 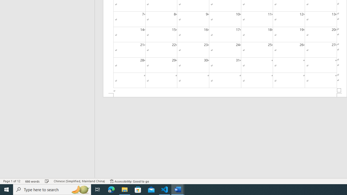 What do you see at coordinates (12, 181) in the screenshot?
I see `'Page Number Page 1 of 12'` at bounding box center [12, 181].